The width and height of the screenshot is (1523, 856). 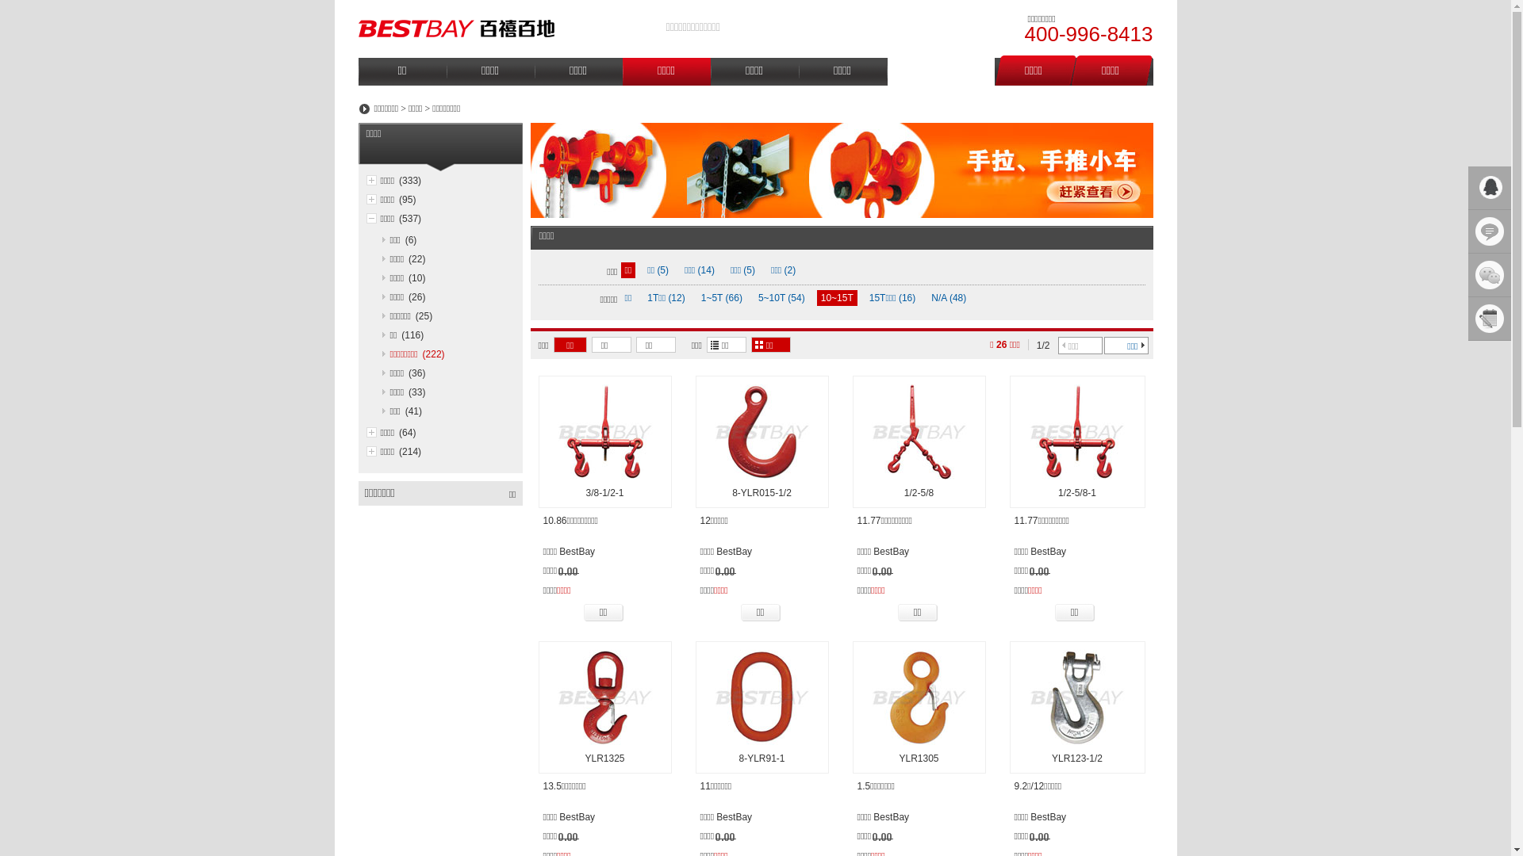 I want to click on '10~15T', so click(x=817, y=297).